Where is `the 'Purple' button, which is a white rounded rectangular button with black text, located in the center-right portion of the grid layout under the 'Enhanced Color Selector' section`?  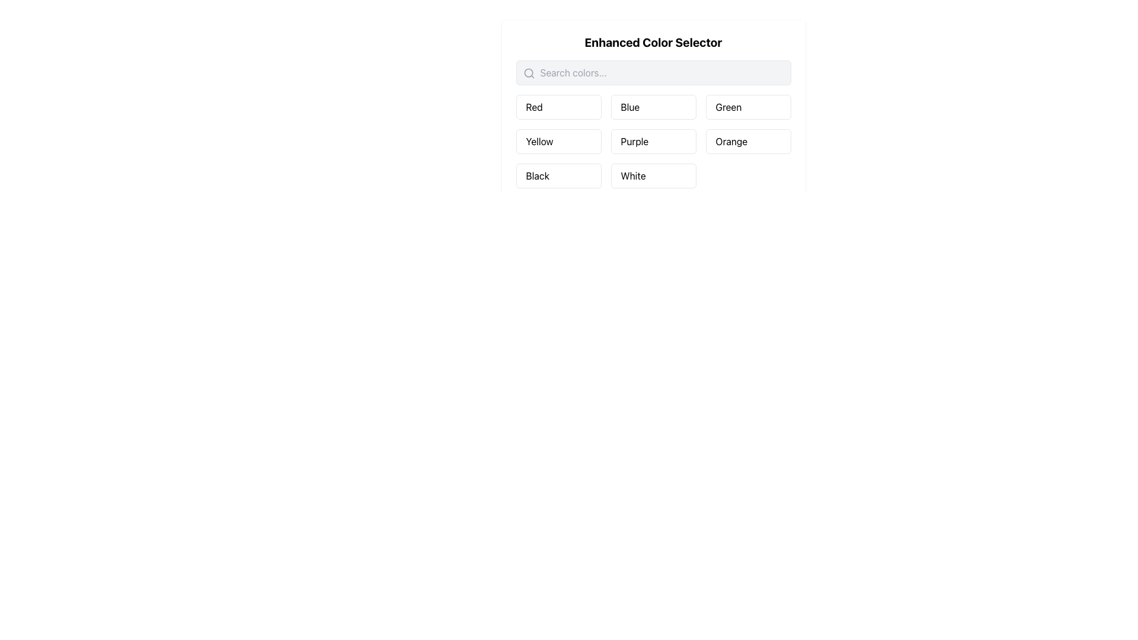 the 'Purple' button, which is a white rounded rectangular button with black text, located in the center-right portion of the grid layout under the 'Enhanced Color Selector' section is located at coordinates (634, 141).